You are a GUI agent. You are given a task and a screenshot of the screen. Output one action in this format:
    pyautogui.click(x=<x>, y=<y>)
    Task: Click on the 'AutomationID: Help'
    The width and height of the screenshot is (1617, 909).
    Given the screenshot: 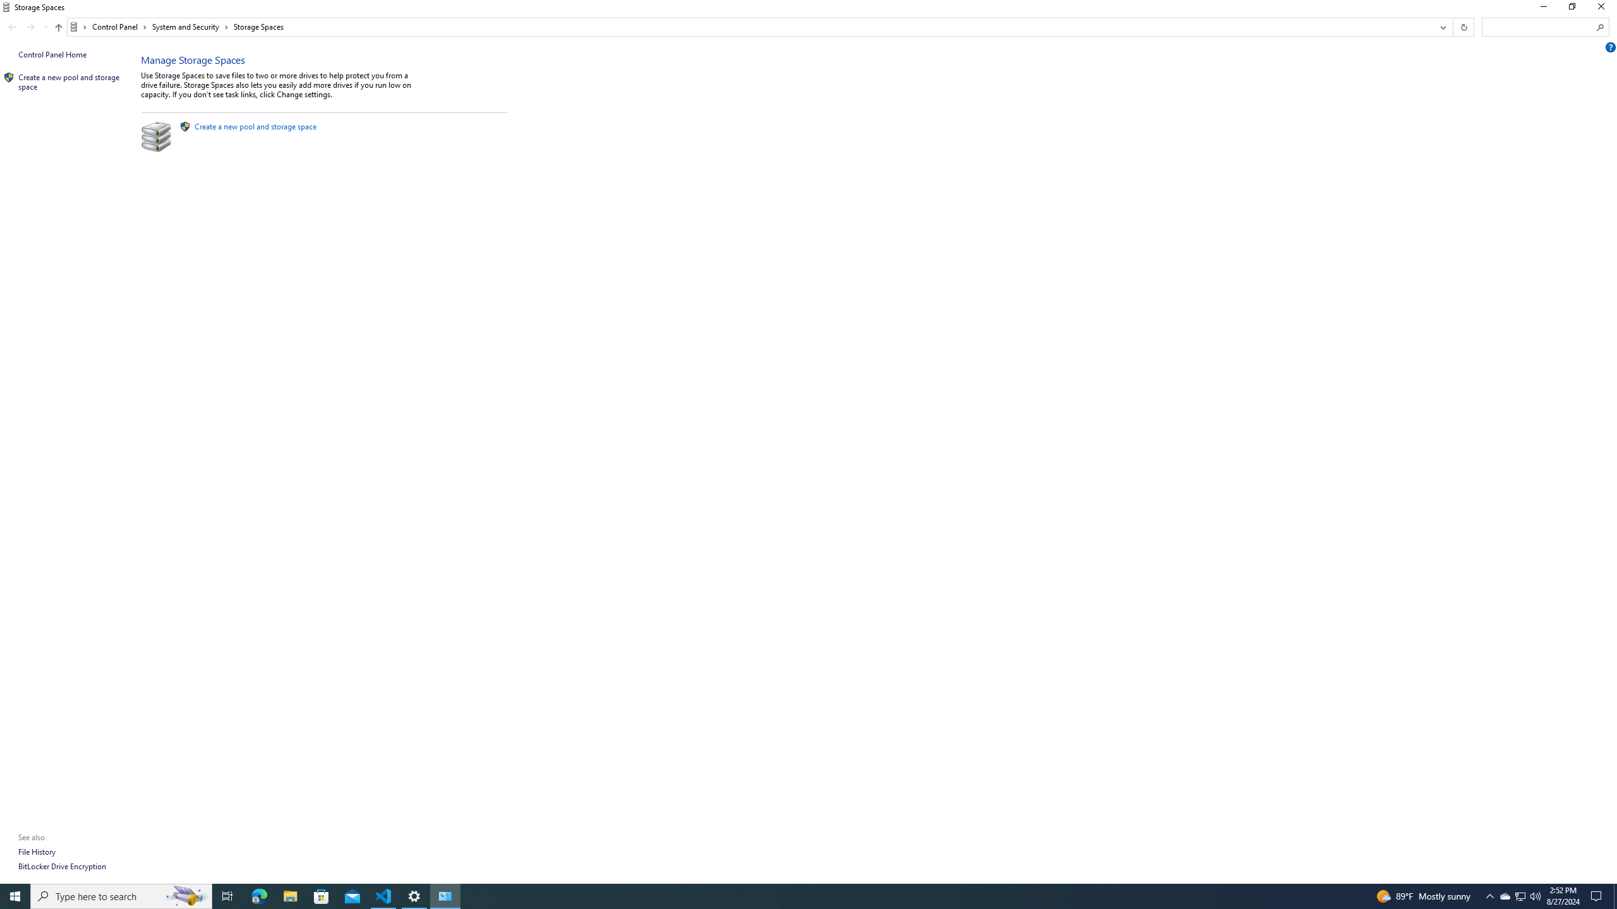 What is the action you would take?
    pyautogui.click(x=1611, y=46)
    